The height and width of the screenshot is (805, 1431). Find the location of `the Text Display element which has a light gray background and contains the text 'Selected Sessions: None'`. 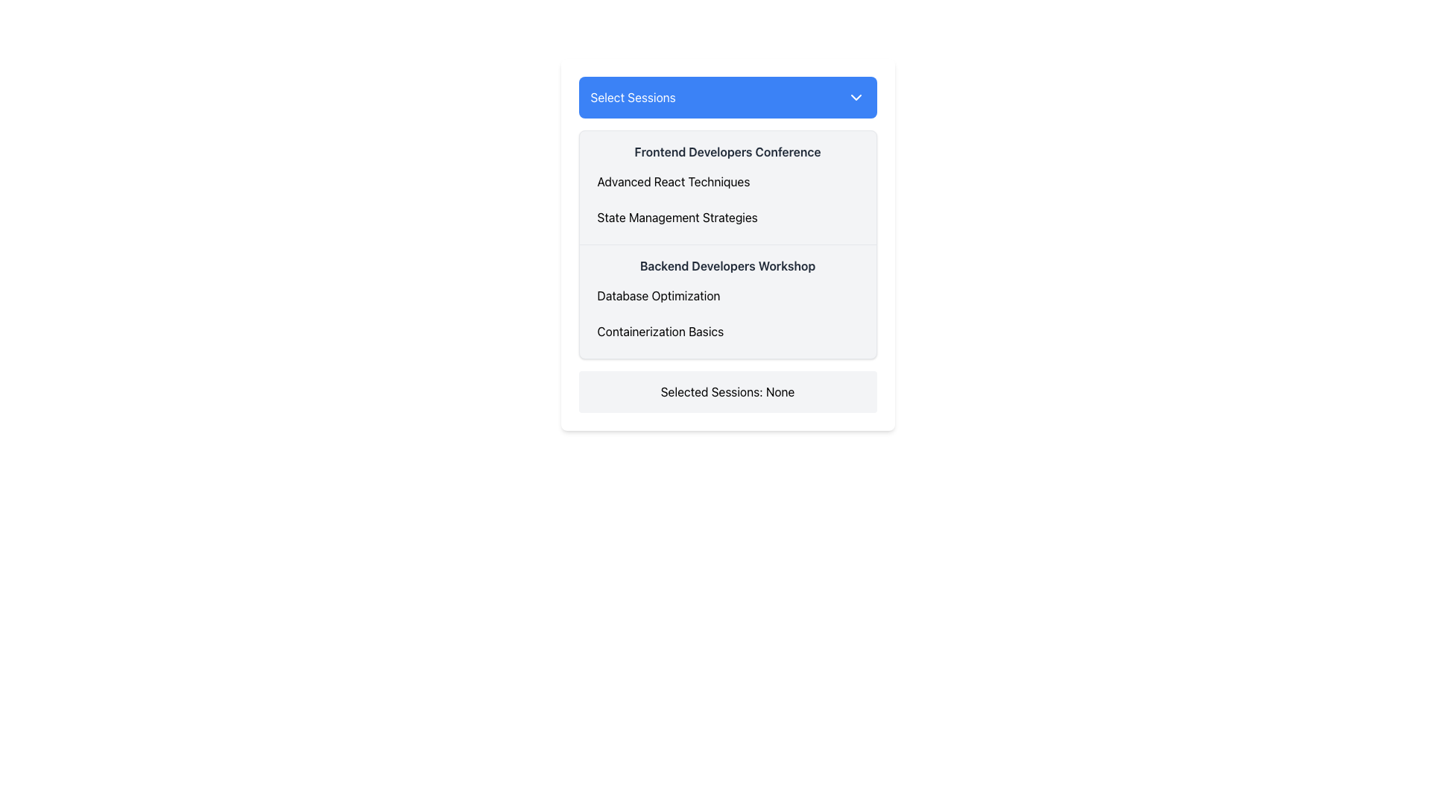

the Text Display element which has a light gray background and contains the text 'Selected Sessions: None' is located at coordinates (727, 391).